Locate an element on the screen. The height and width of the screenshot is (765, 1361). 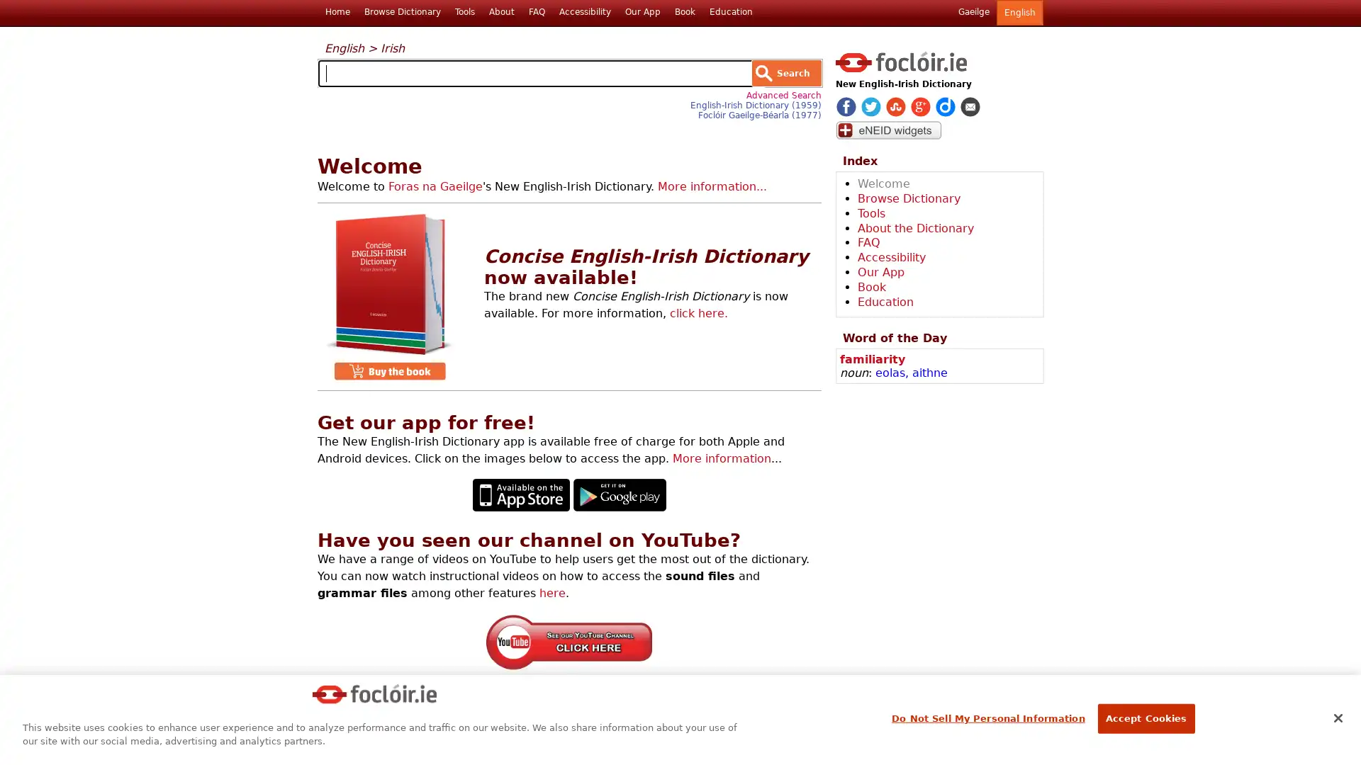
Close is located at coordinates (1337, 718).